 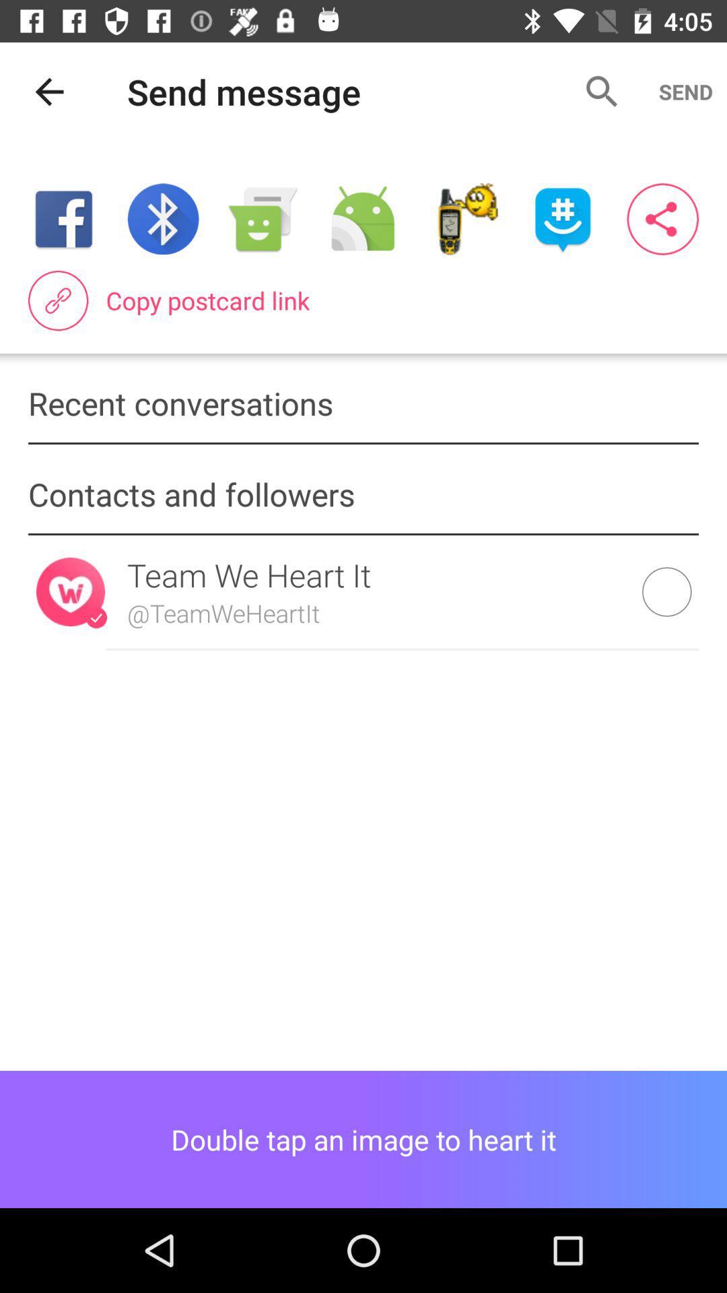 I want to click on share content, so click(x=362, y=219).